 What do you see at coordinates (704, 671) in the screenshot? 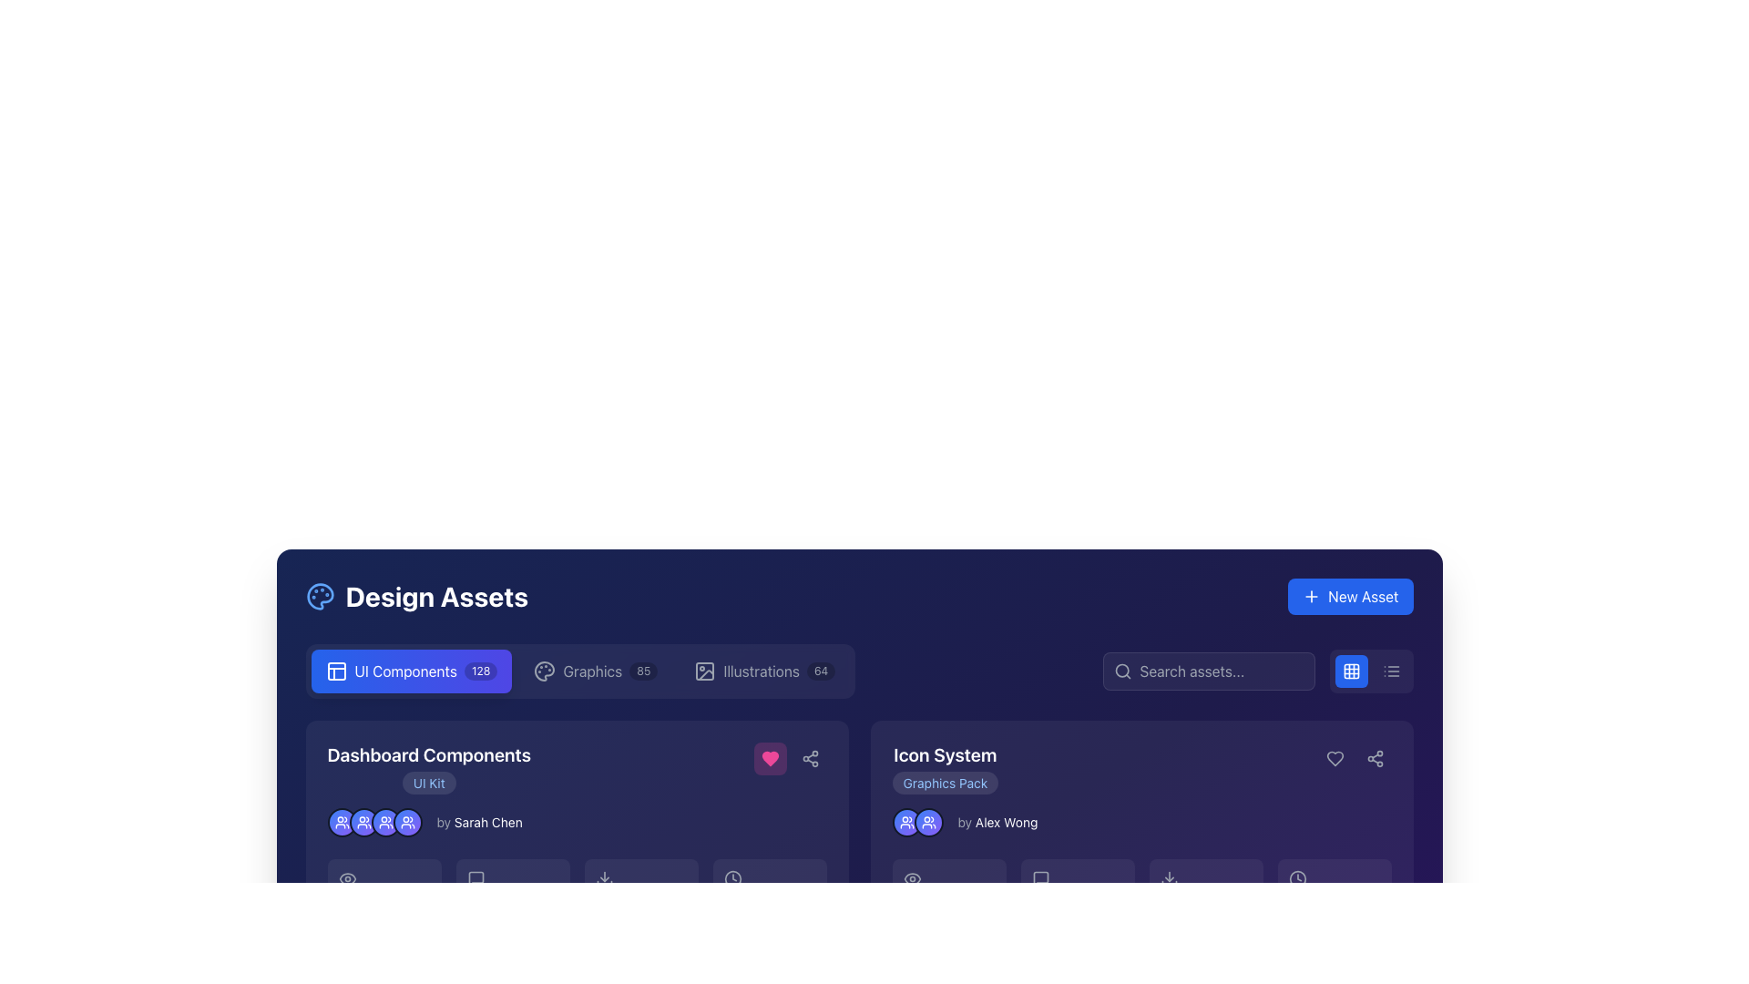
I see `the 'Illustrations' icon located at the far left of the horizontal menu item labeled 'Illustrations 64' in the navigation bar` at bounding box center [704, 671].